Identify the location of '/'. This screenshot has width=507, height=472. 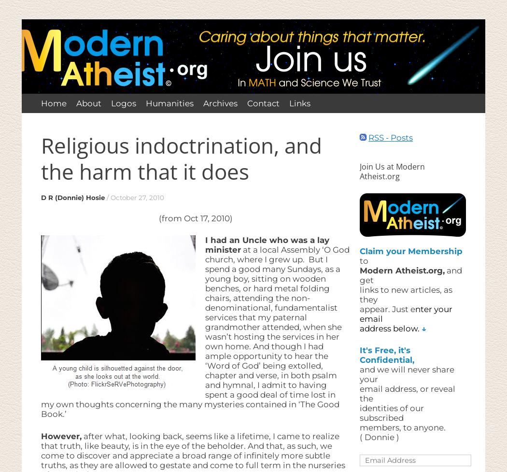
(107, 197).